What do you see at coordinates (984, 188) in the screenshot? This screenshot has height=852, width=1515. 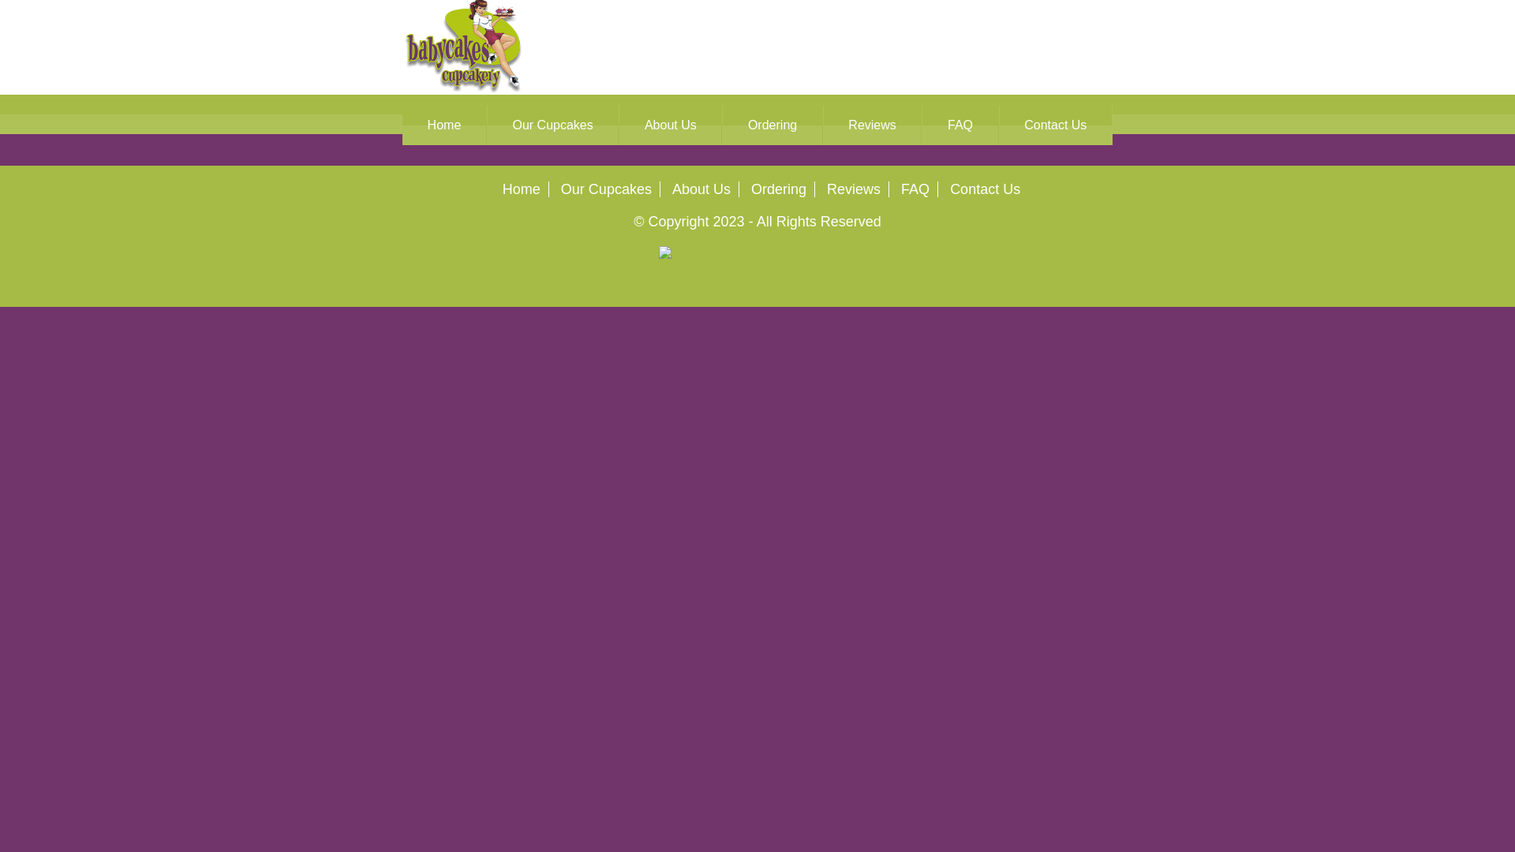 I see `'Contact Us'` at bounding box center [984, 188].